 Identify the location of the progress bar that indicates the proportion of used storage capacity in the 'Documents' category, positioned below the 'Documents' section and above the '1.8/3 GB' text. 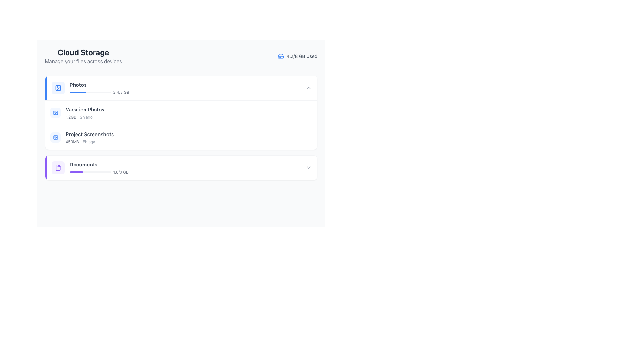
(90, 172).